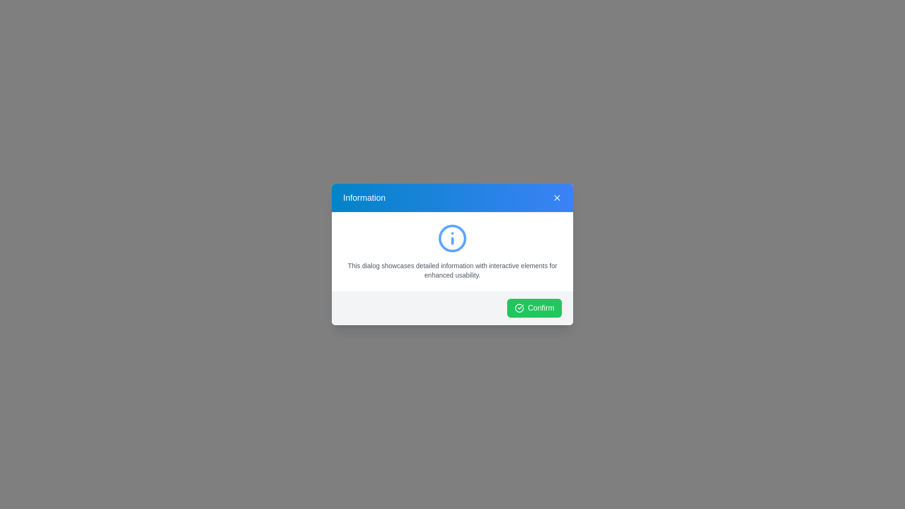 The width and height of the screenshot is (905, 509). I want to click on the static text label displaying 'This dialog showcases detailed information with interactive elements for enhanced usability.' which is located beneath the information icon and above the Confirm button in the modal dialog box, so click(452, 271).